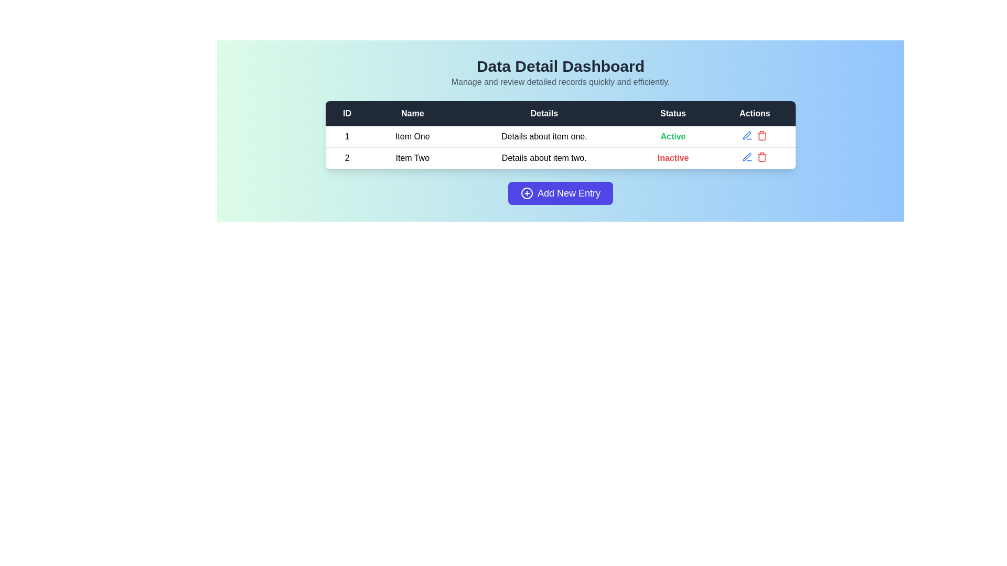  I want to click on the status label indicating 'not active' for 'Item Two' in the second row of the data table, so click(673, 158).